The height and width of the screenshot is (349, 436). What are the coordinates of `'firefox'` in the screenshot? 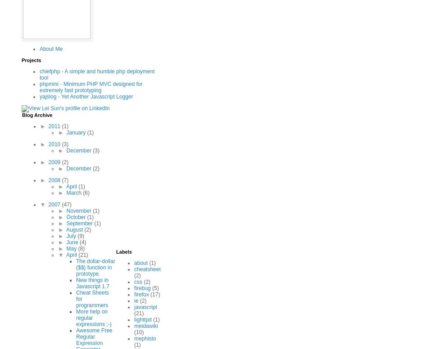 It's located at (141, 294).